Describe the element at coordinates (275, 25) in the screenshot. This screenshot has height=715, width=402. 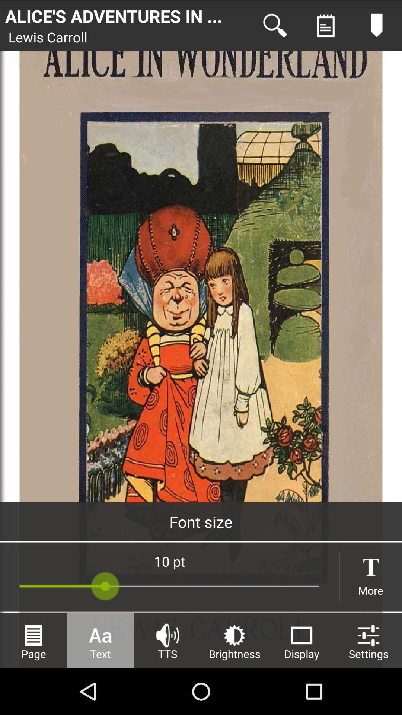
I see `search` at that location.